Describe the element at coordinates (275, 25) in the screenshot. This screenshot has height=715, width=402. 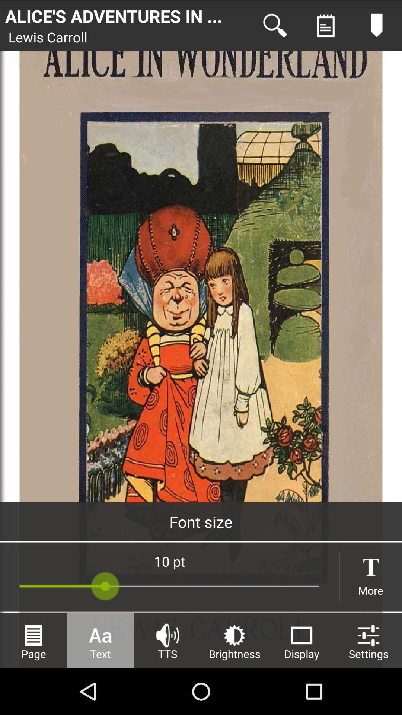
I see `search` at that location.